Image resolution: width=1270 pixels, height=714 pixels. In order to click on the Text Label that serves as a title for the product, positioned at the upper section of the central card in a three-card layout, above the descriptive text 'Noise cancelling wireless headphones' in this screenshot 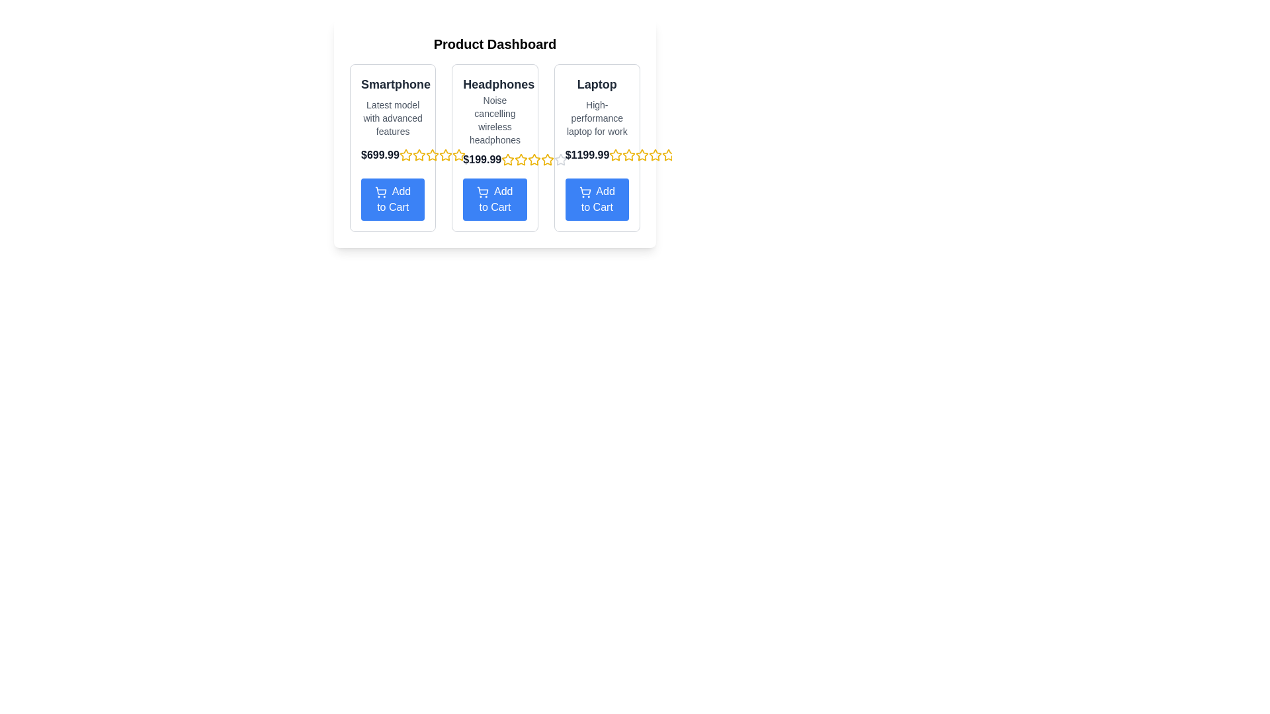, I will do `click(494, 84)`.